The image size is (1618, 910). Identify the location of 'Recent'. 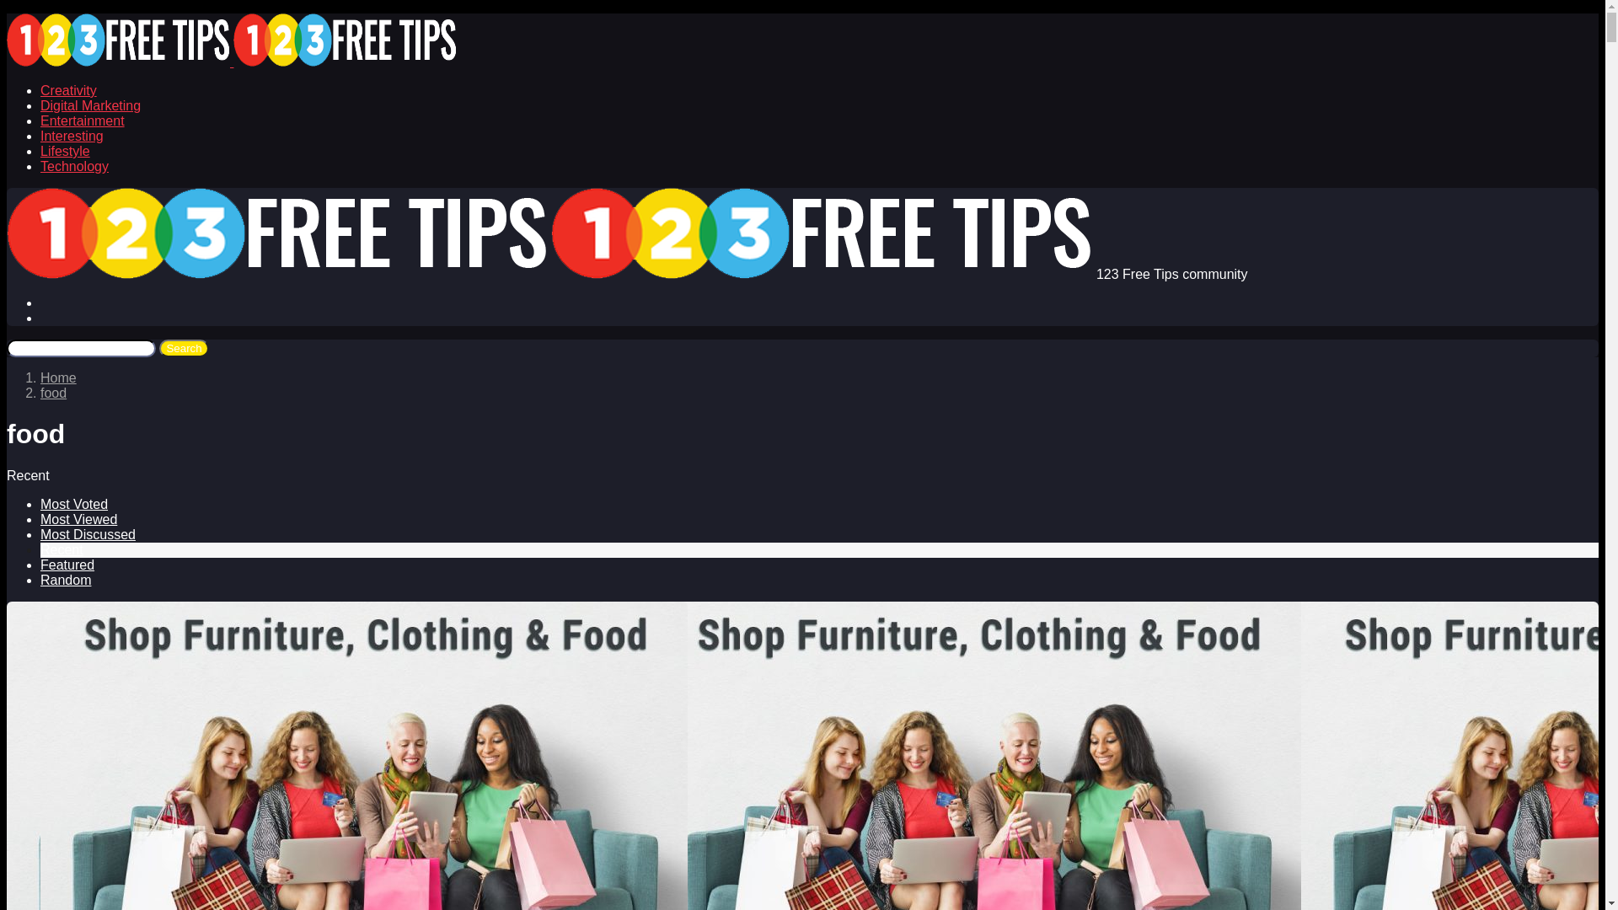
(62, 549).